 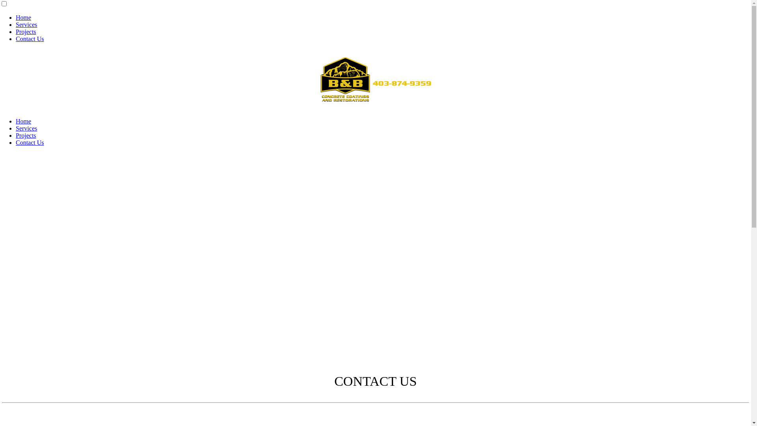 I want to click on 'Contact Us', so click(x=30, y=39).